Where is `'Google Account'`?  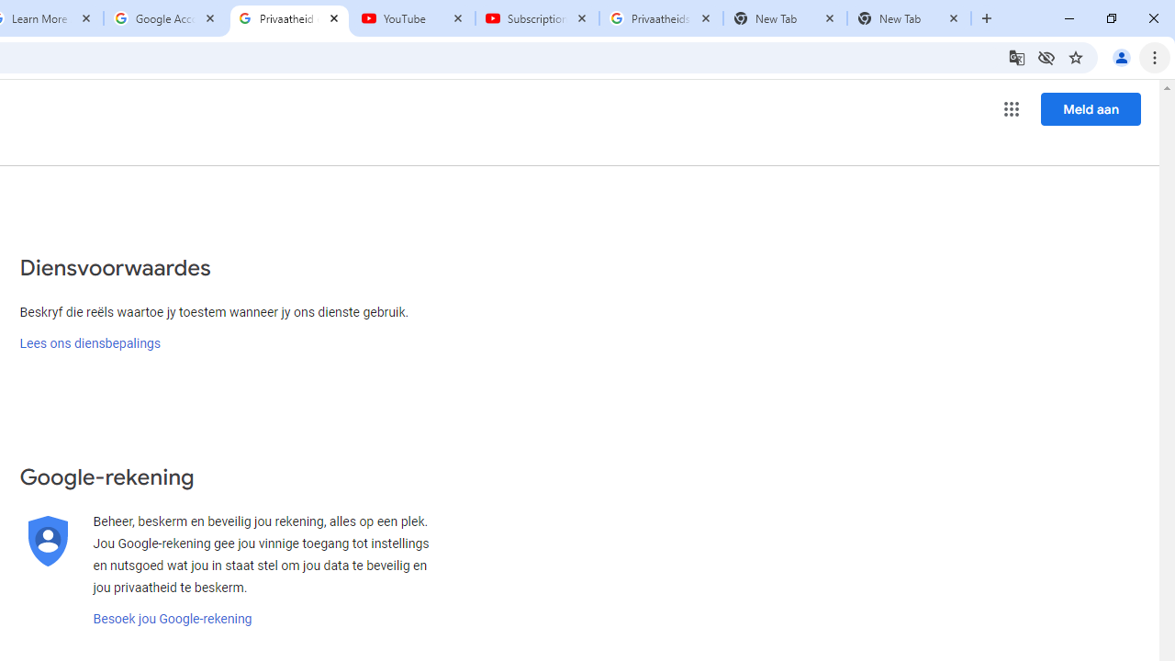
'Google Account' is located at coordinates (165, 18).